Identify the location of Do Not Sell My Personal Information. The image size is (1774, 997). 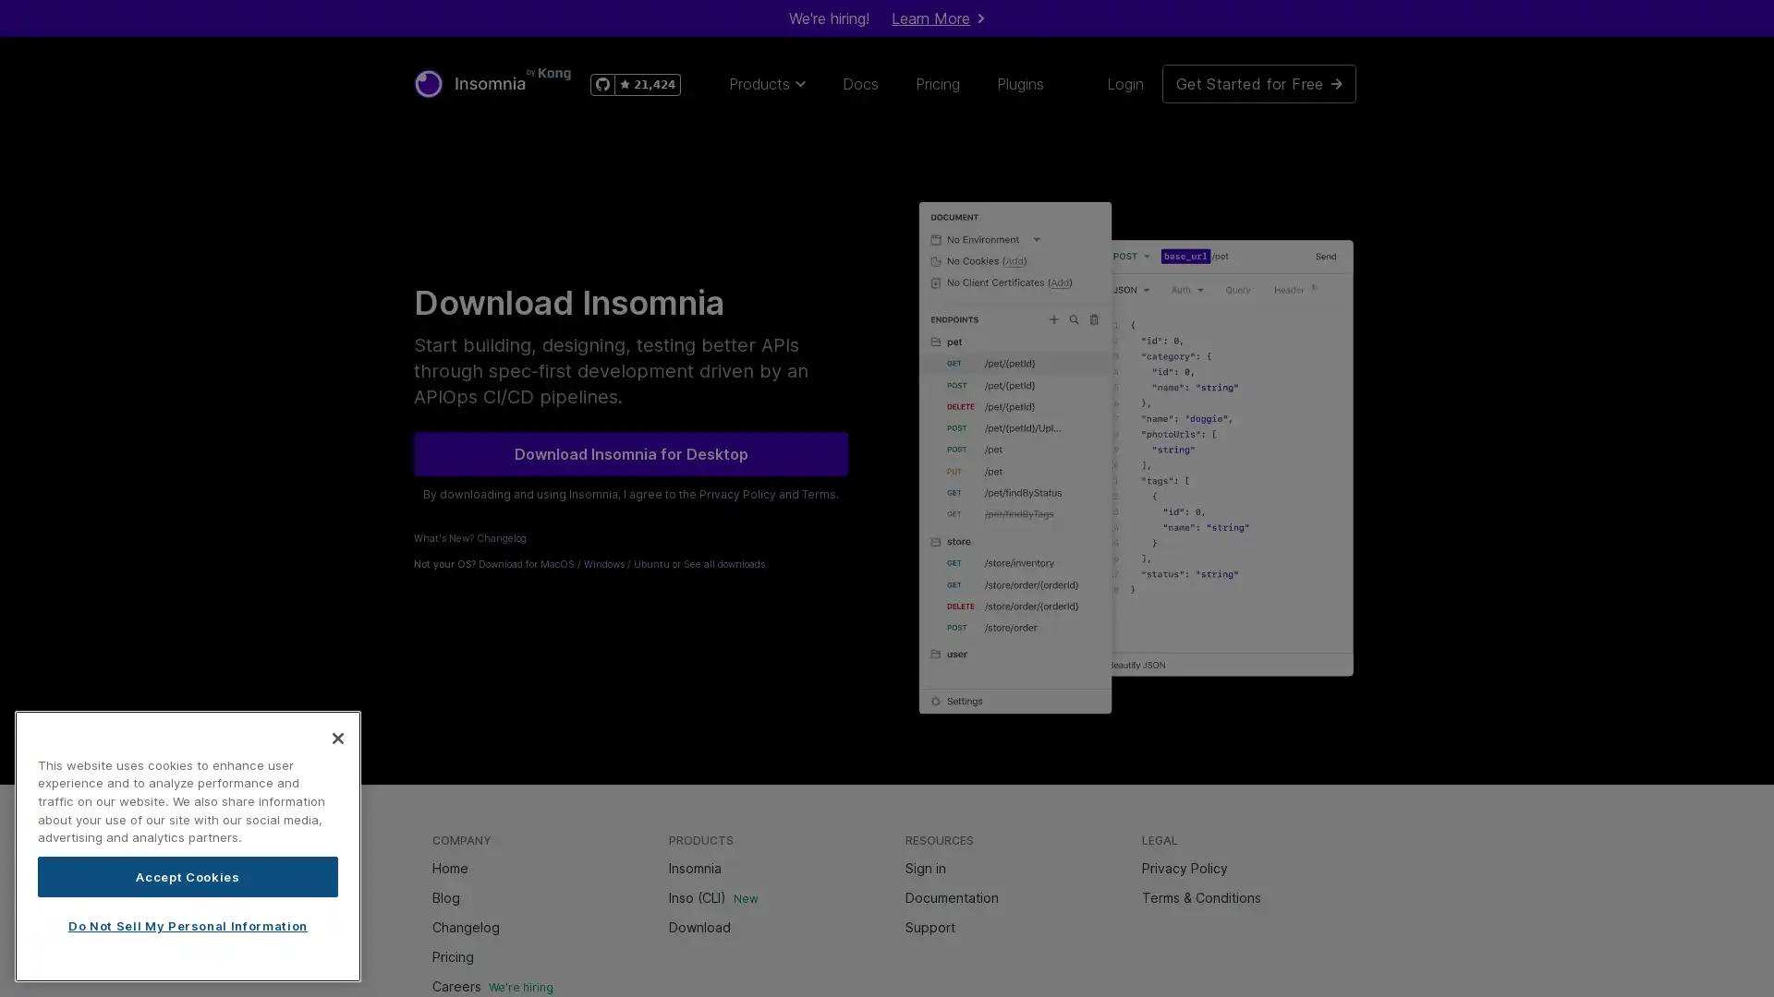
(188, 925).